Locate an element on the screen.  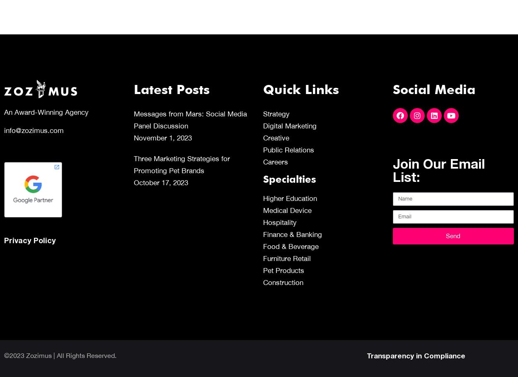
'Careers' is located at coordinates (263, 162).